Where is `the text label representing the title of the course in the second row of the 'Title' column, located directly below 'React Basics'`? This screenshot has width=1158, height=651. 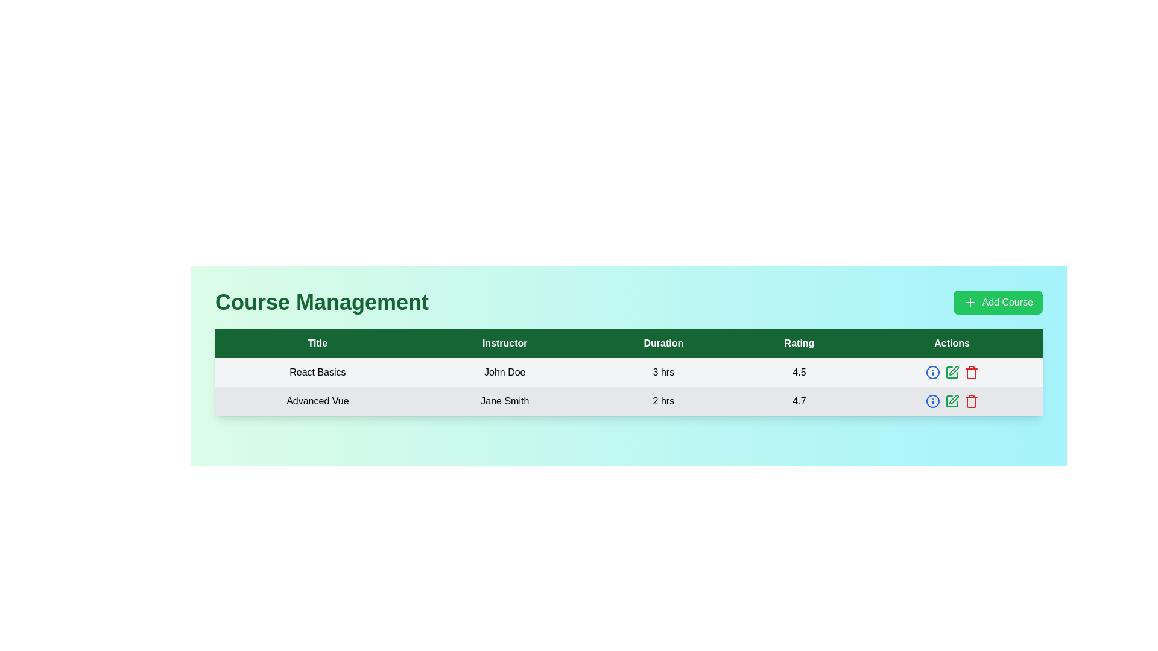
the text label representing the title of the course in the second row of the 'Title' column, located directly below 'React Basics' is located at coordinates (317, 401).